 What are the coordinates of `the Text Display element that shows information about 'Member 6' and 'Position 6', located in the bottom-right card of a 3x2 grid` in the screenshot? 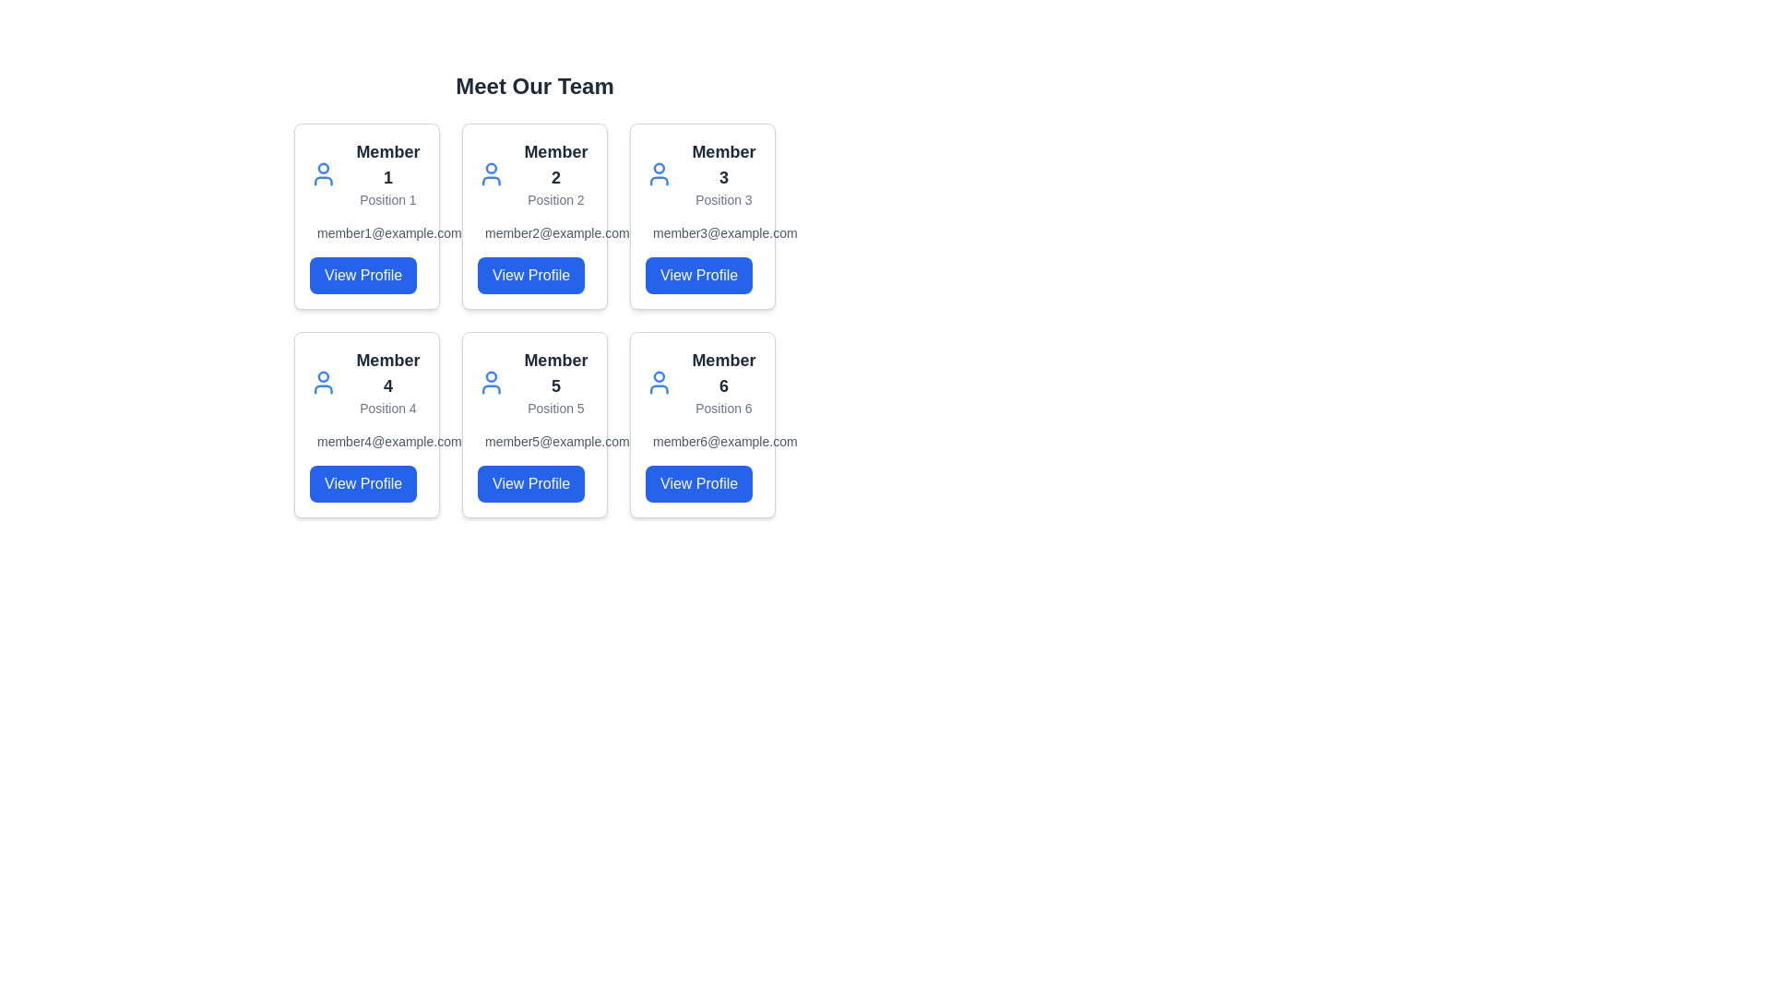 It's located at (722, 382).